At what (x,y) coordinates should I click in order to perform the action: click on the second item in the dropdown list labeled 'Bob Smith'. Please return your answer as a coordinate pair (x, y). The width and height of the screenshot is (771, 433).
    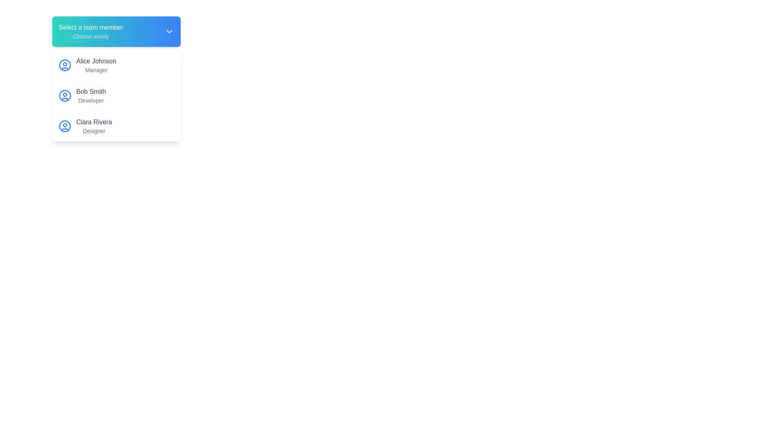
    Looking at the image, I should click on (116, 95).